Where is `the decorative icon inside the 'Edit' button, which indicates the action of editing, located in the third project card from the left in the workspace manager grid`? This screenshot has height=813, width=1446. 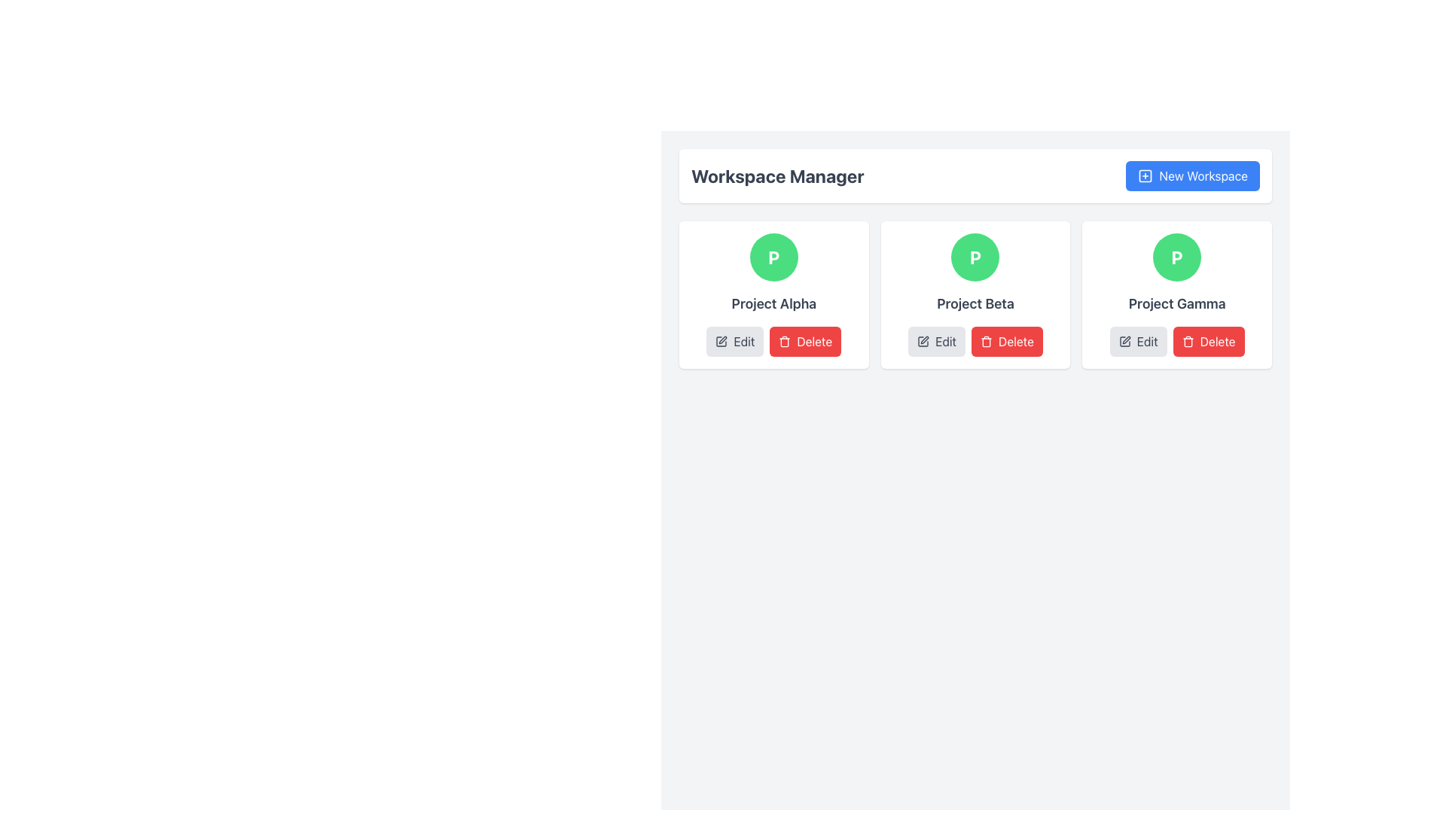 the decorative icon inside the 'Edit' button, which indicates the action of editing, located in the third project card from the left in the workspace manager grid is located at coordinates (1124, 342).